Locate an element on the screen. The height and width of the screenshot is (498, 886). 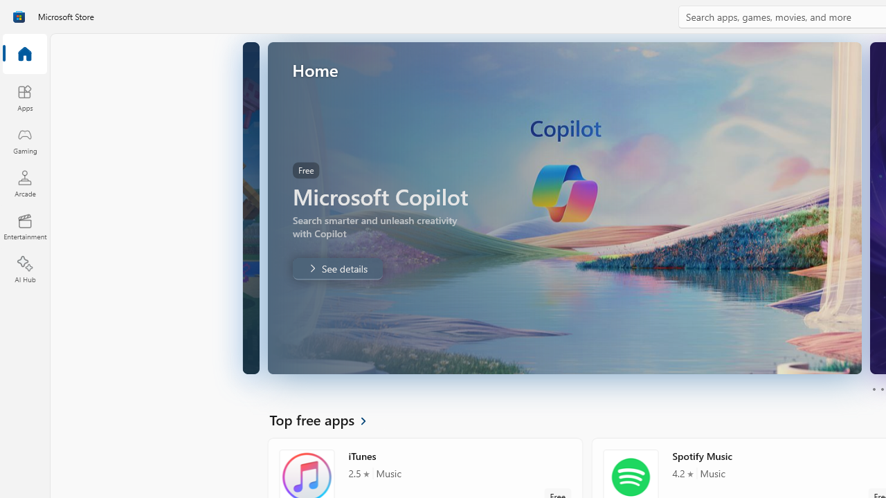
'Home' is located at coordinates (24, 54).